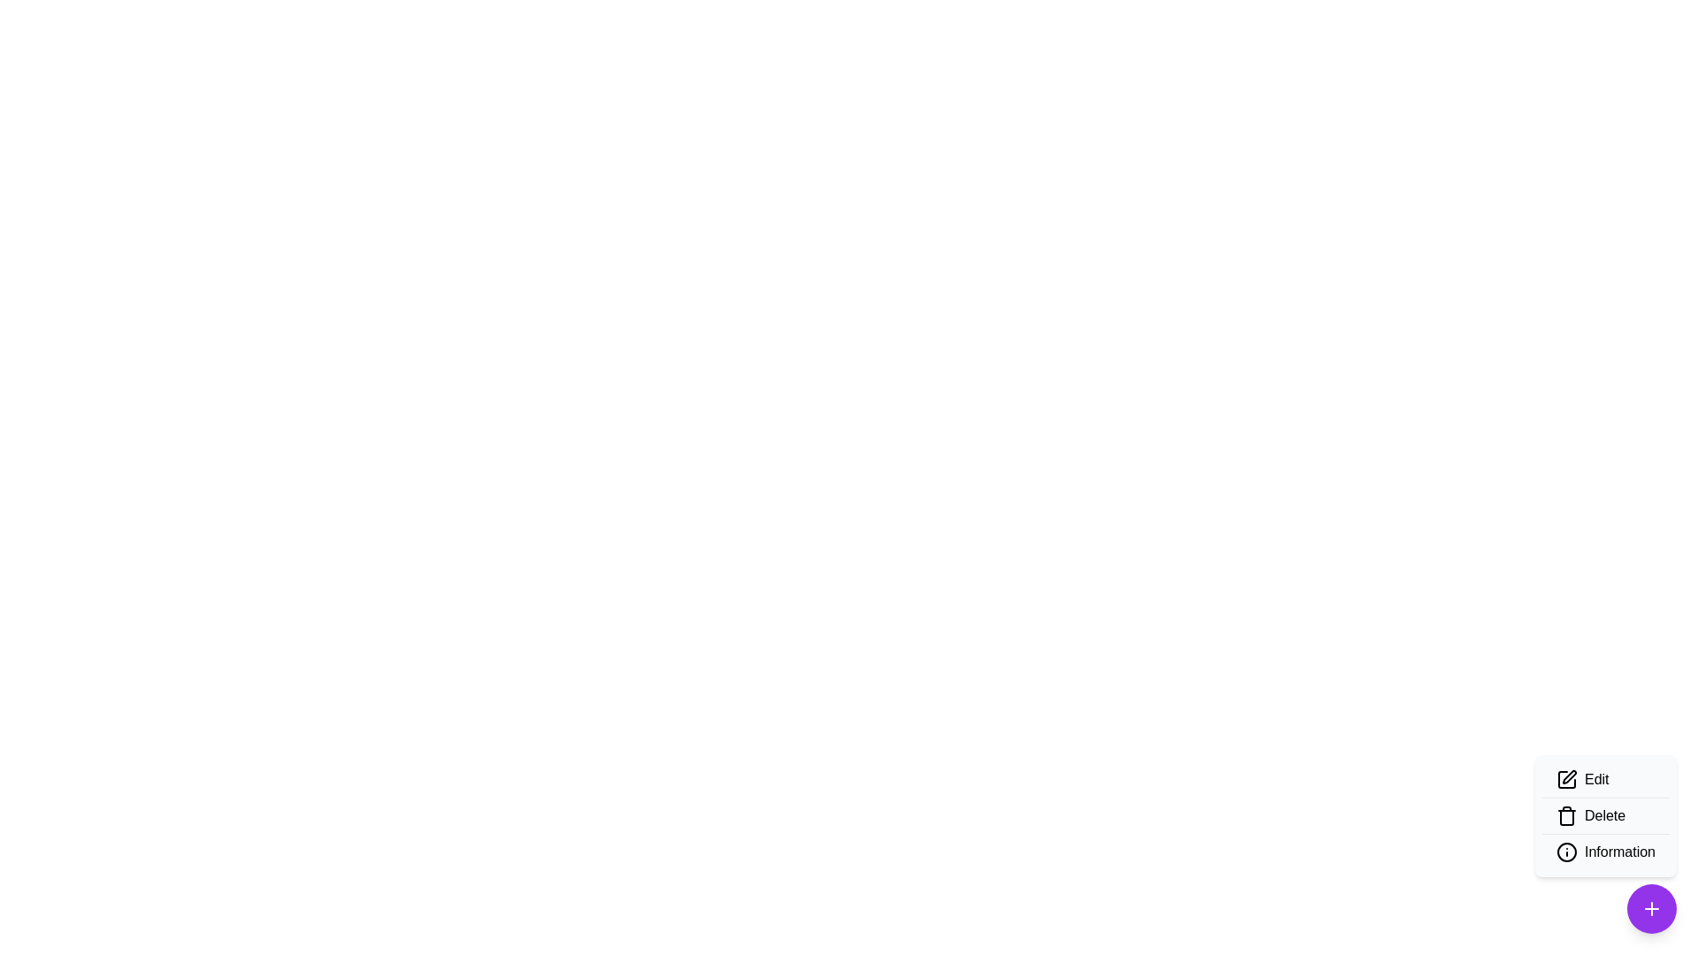  I want to click on the trash bin icon located in the action menu below the 'Edit' option and above the 'Information' option, so click(1566, 815).